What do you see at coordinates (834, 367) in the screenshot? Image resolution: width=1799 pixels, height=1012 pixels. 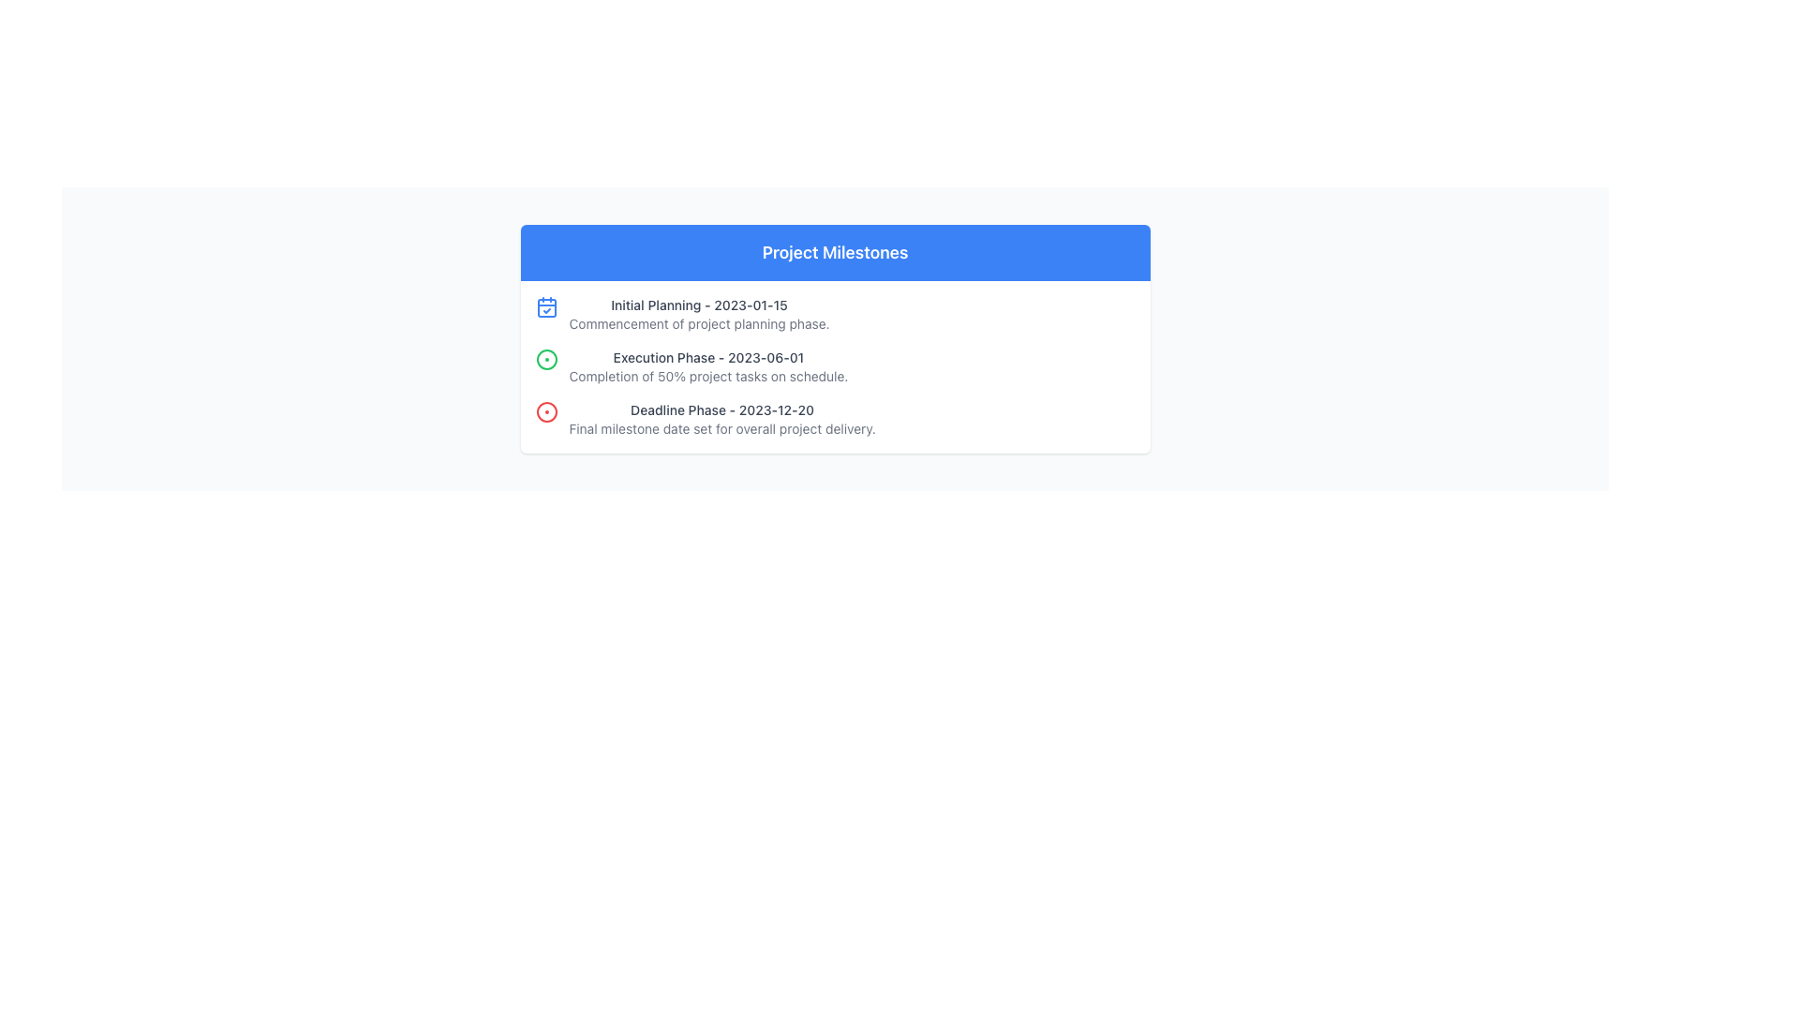 I see `textual information section containing the project phases titled 'Initial Planning', 'Execution Phase', and 'Deadline Phase', located below the 'Project Milestones' header` at bounding box center [834, 367].